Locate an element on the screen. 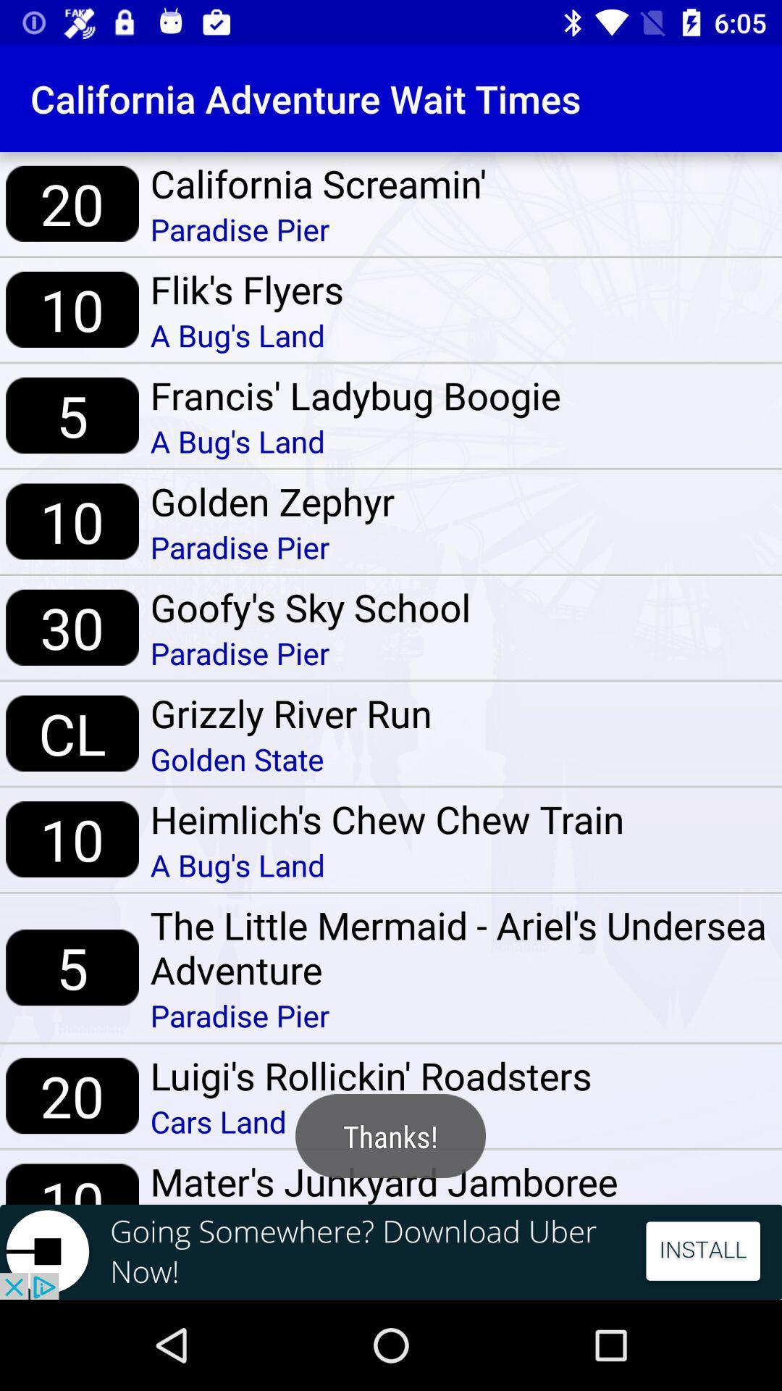 Image resolution: width=782 pixels, height=1391 pixels. the item above paradise pier is located at coordinates (460, 947).